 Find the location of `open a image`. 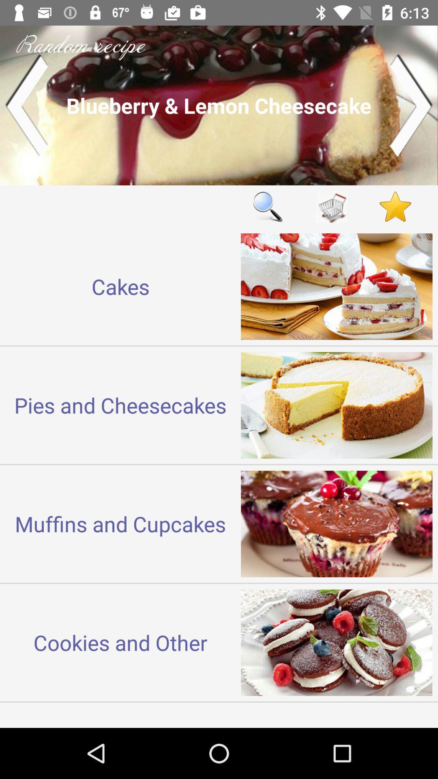

open a image is located at coordinates (219, 105).